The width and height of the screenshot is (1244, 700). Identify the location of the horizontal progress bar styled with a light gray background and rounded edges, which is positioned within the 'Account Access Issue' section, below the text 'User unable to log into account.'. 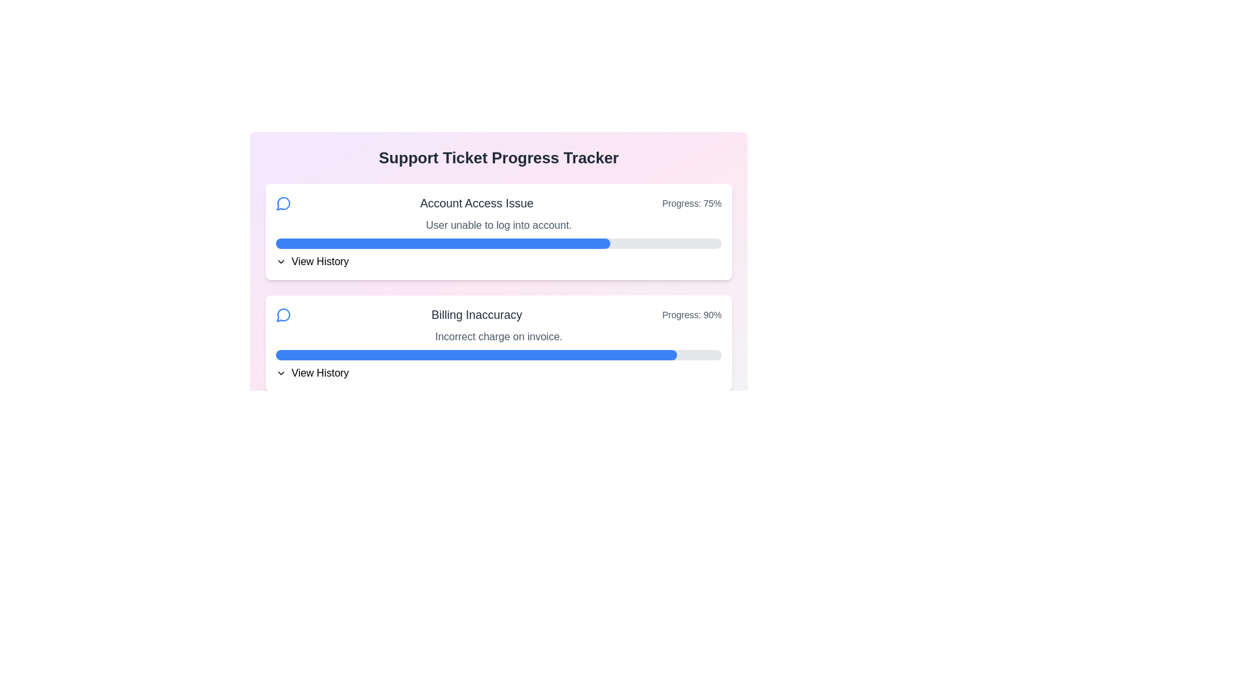
(498, 243).